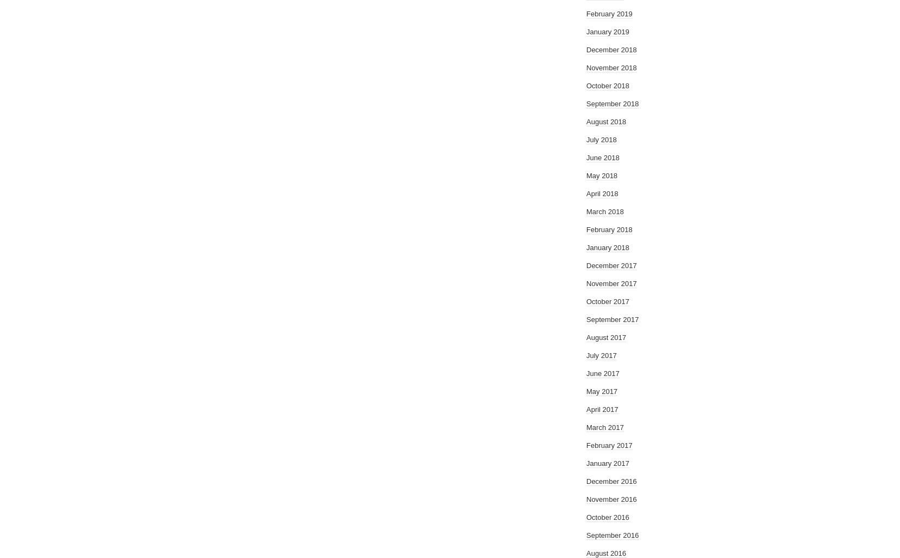  Describe the element at coordinates (608, 247) in the screenshot. I see `'January 2018'` at that location.